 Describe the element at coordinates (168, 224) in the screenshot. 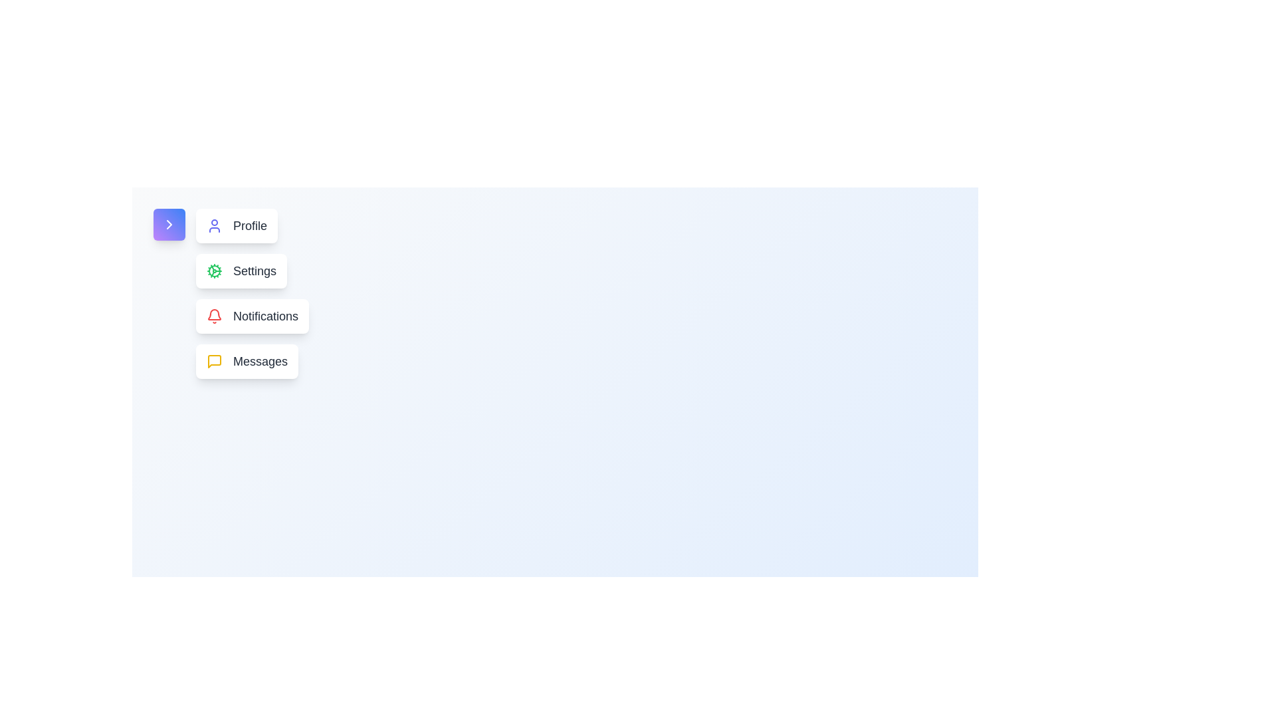

I see `the toggle button to open or close the menu` at that location.